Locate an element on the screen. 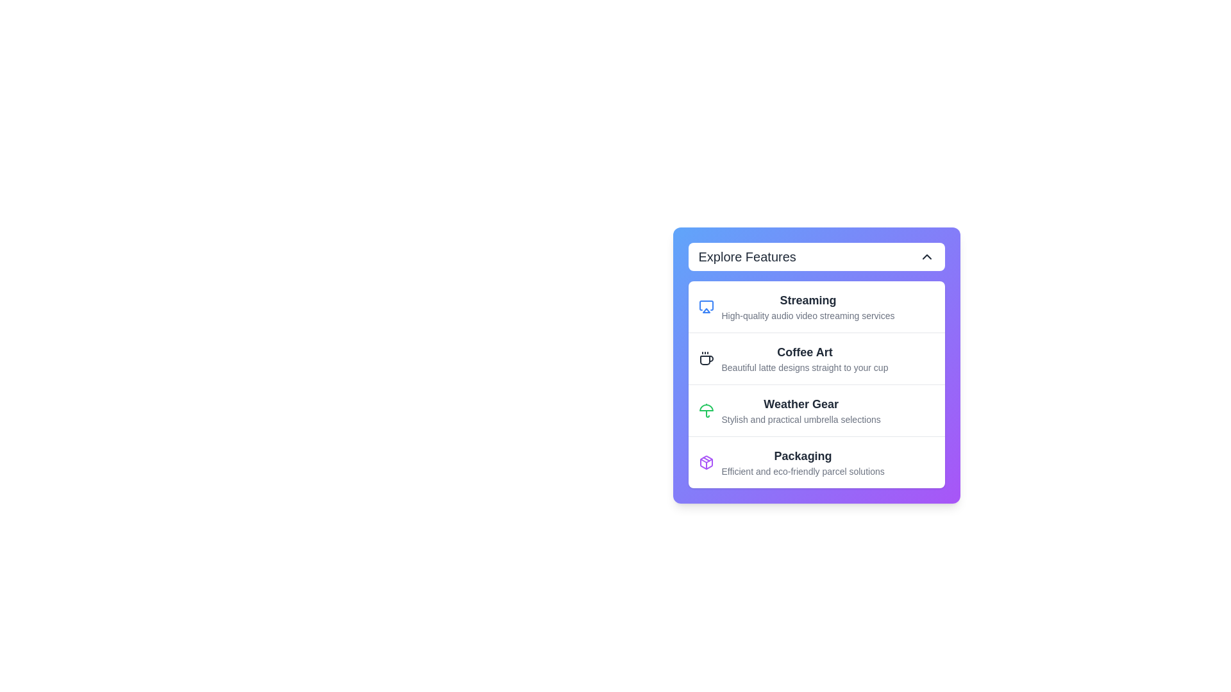 Image resolution: width=1231 pixels, height=692 pixels. the 'Packaging' feature icon, which is a polygonal icon located in the bottom-most row of the feature list, aligned to the left of the text 'Packaging' is located at coordinates (705, 462).